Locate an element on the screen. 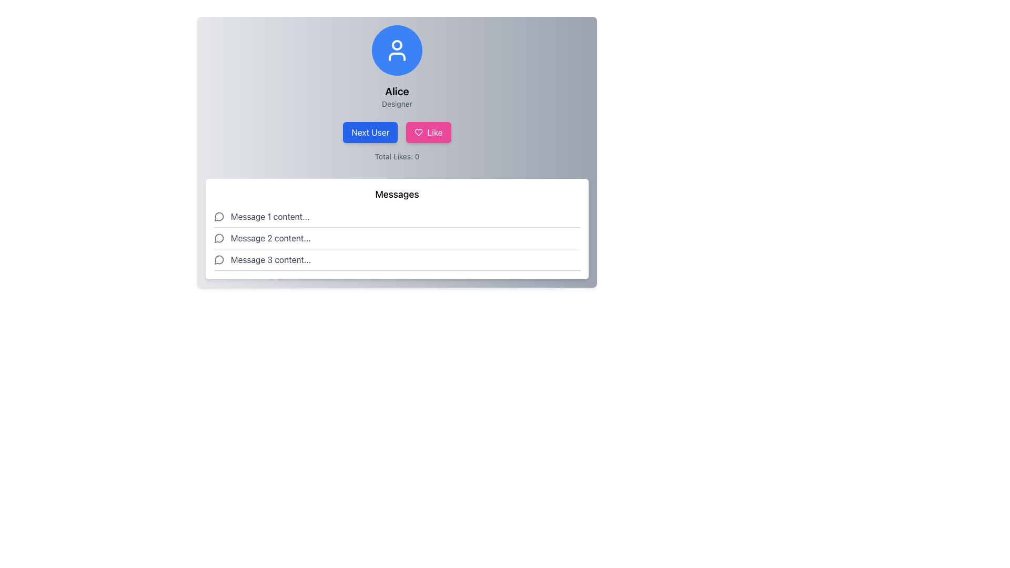 This screenshot has height=568, width=1010. the messaging icon located at the beginning of the row containing 'Message 1 content...', aligned to the left of the text message content in the 'Messages' section is located at coordinates (219, 216).